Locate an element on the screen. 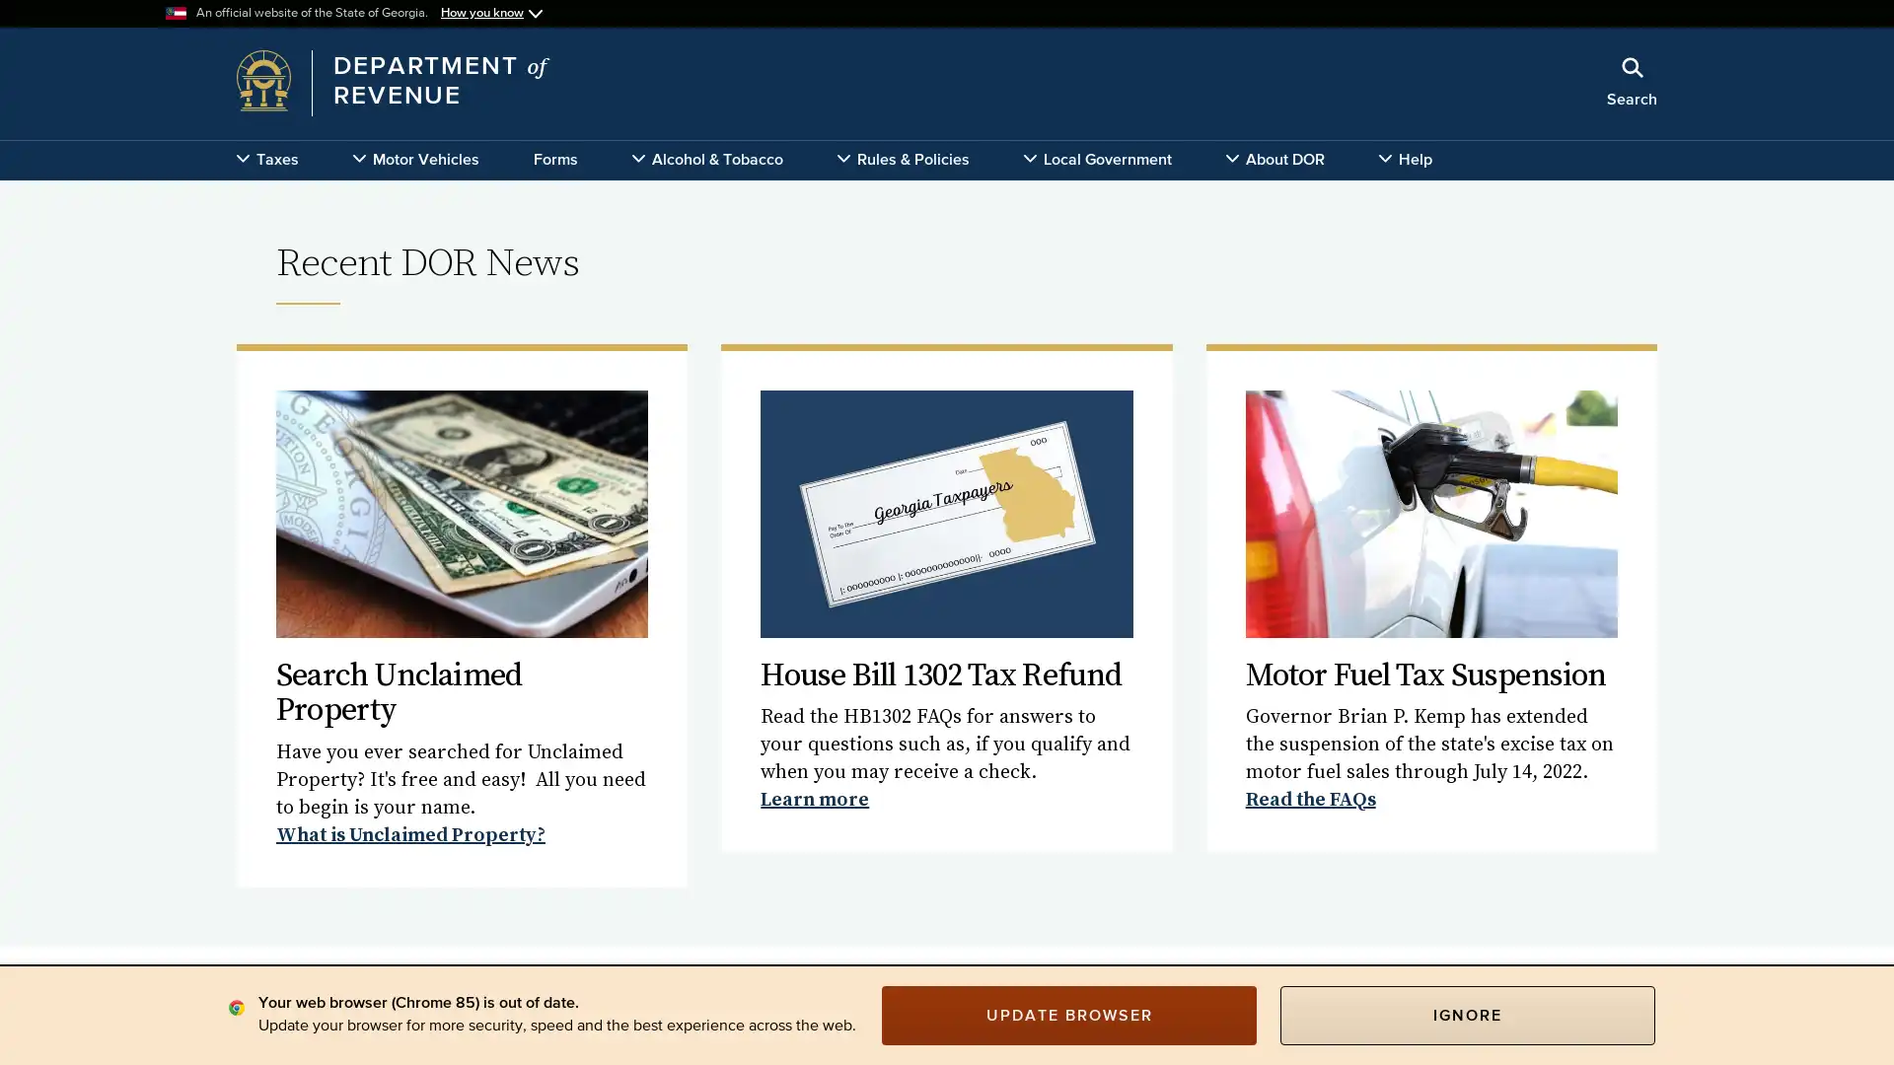  Search is located at coordinates (1632, 84).